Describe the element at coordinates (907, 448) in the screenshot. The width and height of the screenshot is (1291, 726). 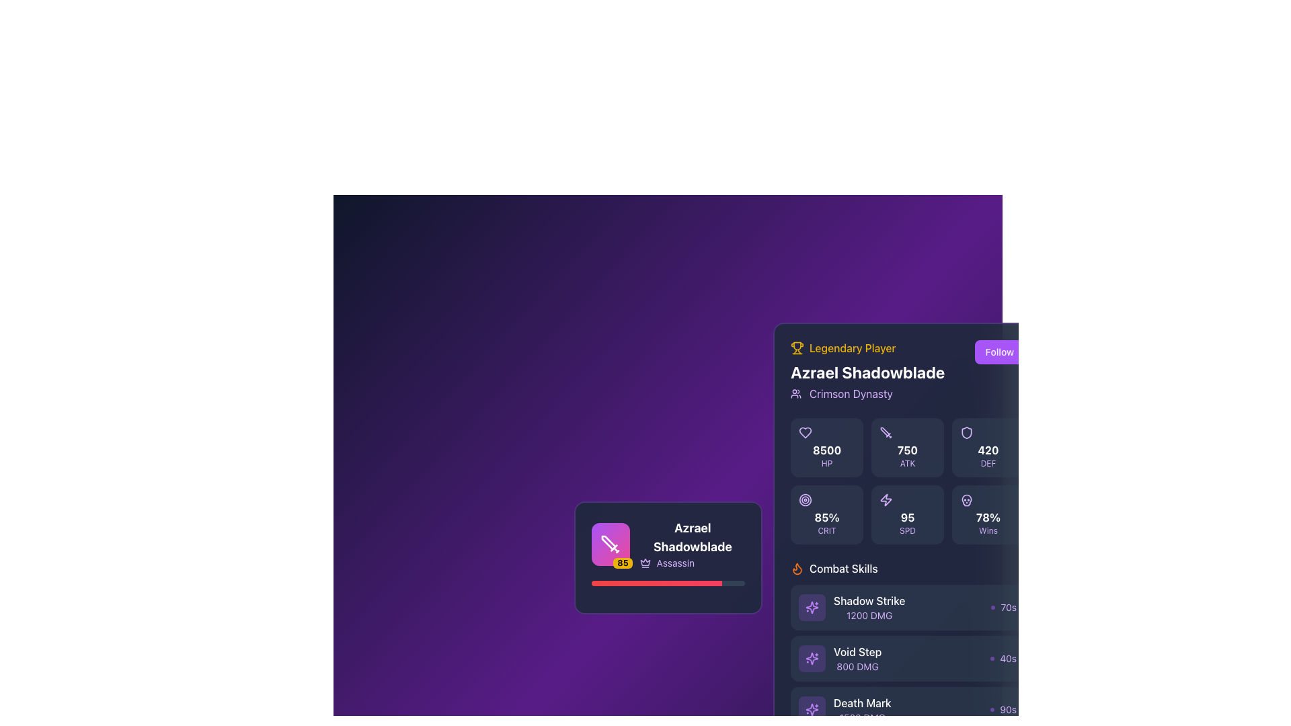
I see `the Statistic Card that displays the attack statistic of the character, positioned in the middle of the top row in a 3x3 grid, between the '8500 HP' card and the '420 DEF' card` at that location.